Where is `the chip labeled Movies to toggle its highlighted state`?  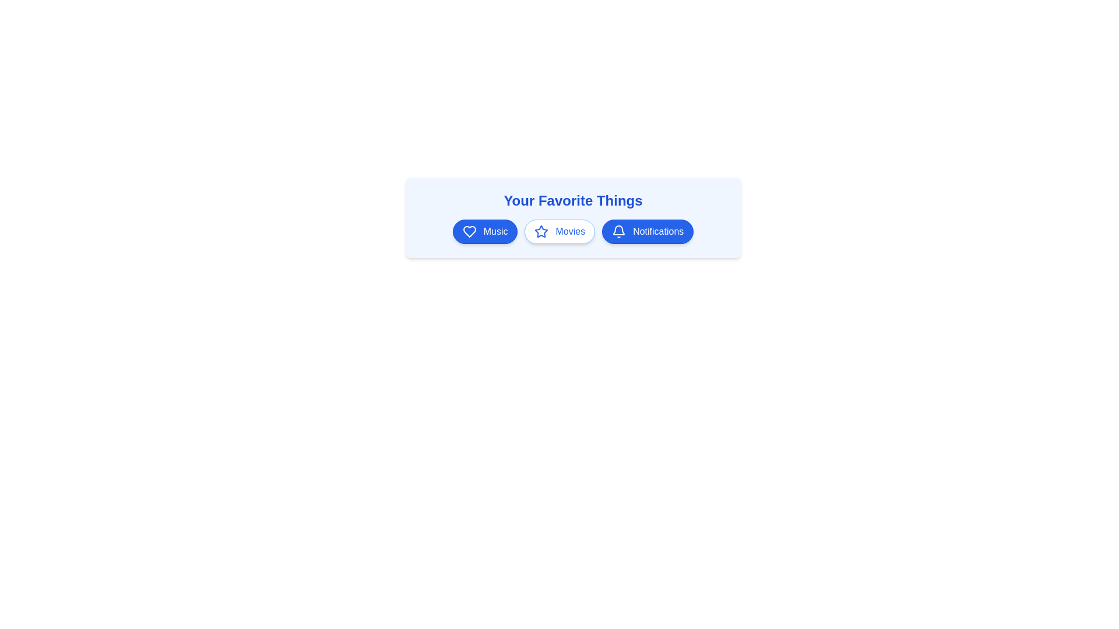 the chip labeled Movies to toggle its highlighted state is located at coordinates (559, 231).